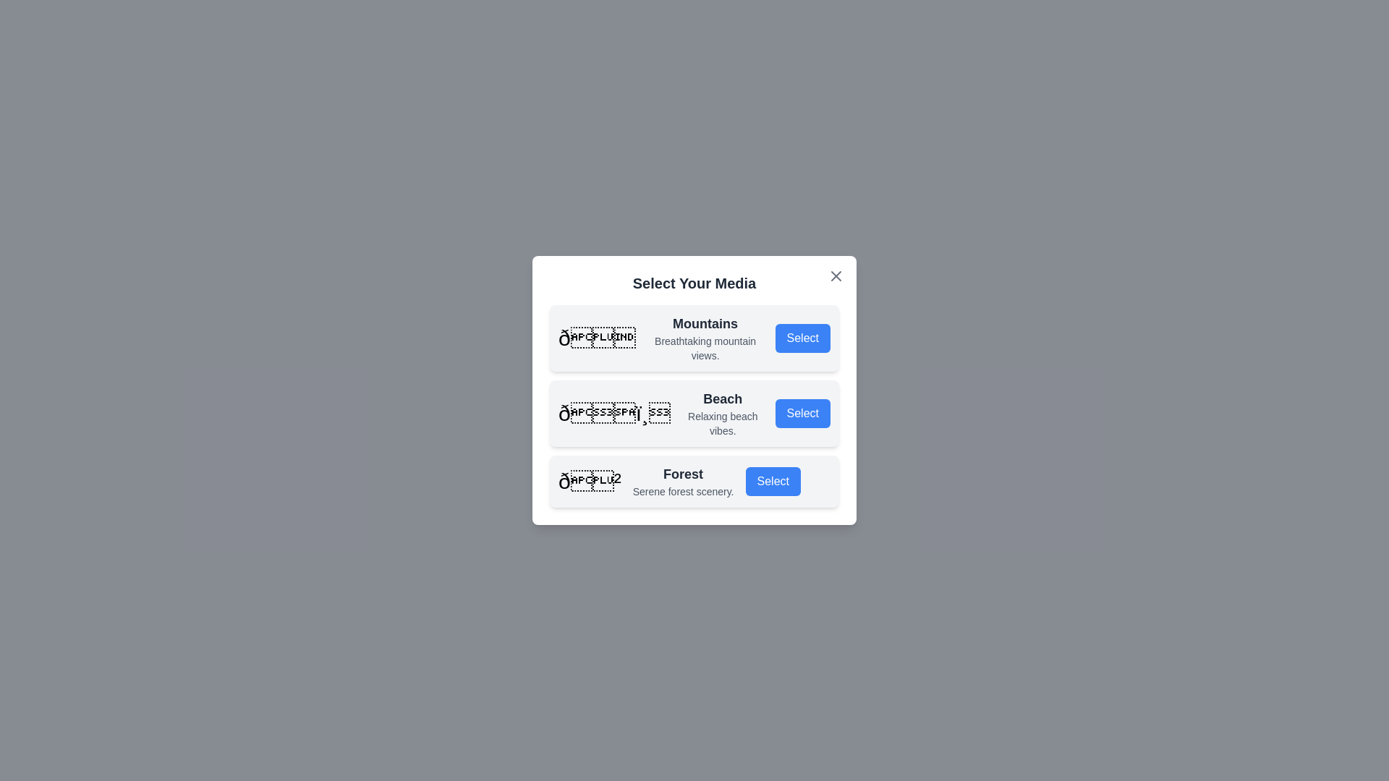 The height and width of the screenshot is (781, 1389). Describe the element at coordinates (836, 276) in the screenshot. I see `close button on the top-right corner of the dialog` at that location.